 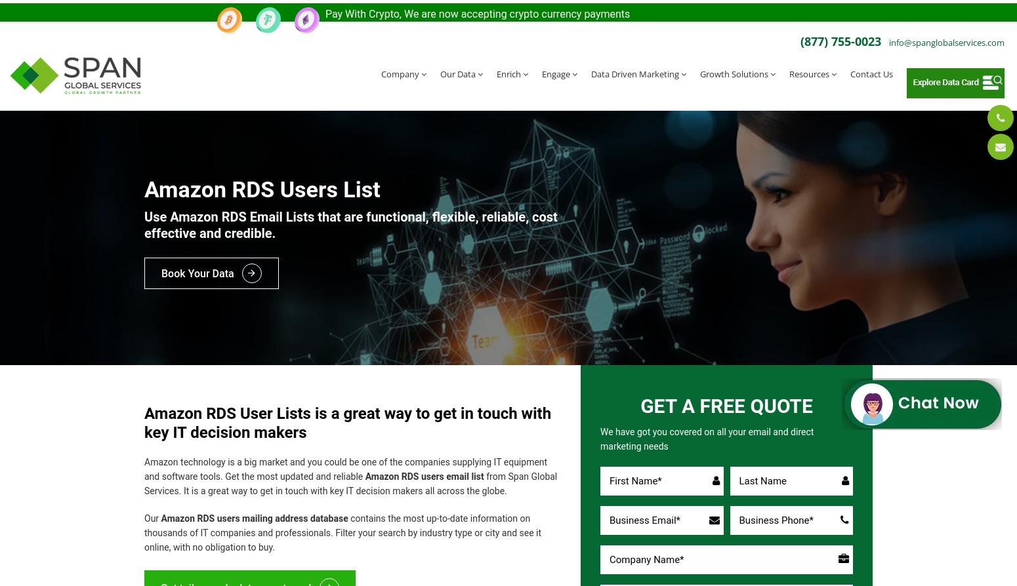 What do you see at coordinates (946, 39) in the screenshot?
I see `'info@spanglobalservices.com'` at bounding box center [946, 39].